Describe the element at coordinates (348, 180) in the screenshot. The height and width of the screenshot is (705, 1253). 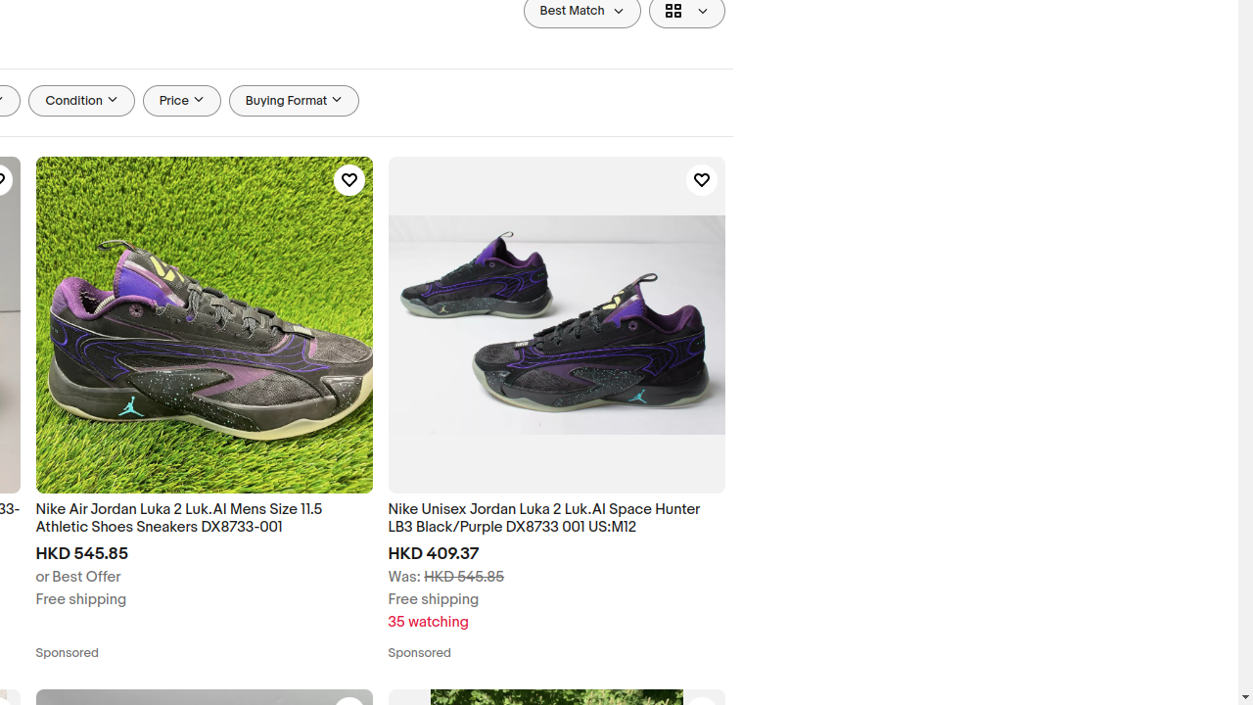
I see `'Click to watch item - Nike Air Jordan Luka 2 Luk.AI Mens Size 11.5 Athletic Shoes Sneakers DX8733-001'` at that location.